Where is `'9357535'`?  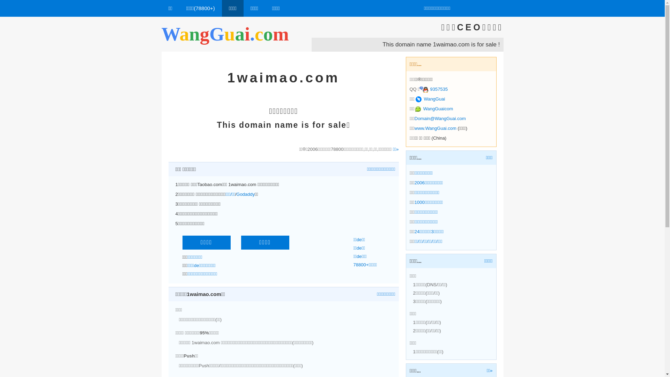
'9357535' is located at coordinates (433, 89).